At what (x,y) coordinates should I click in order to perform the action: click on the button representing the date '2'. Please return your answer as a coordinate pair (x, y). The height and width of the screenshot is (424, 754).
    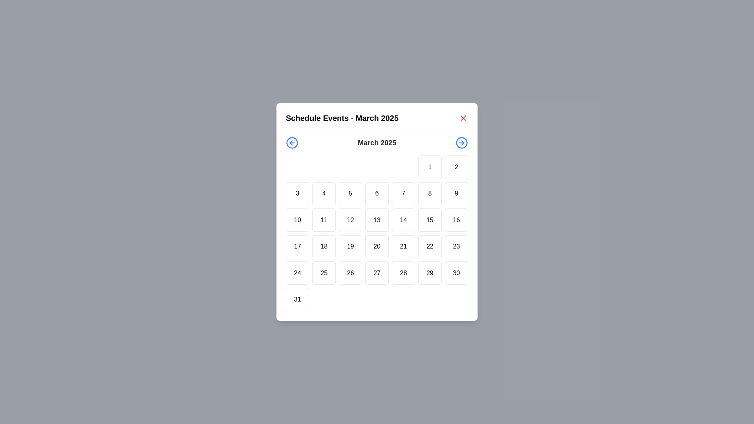
    Looking at the image, I should click on (456, 166).